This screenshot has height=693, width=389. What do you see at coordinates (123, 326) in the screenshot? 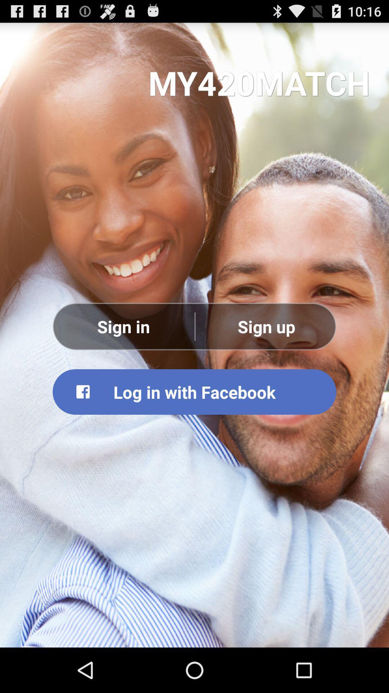
I see `the icon above log in with item` at bounding box center [123, 326].